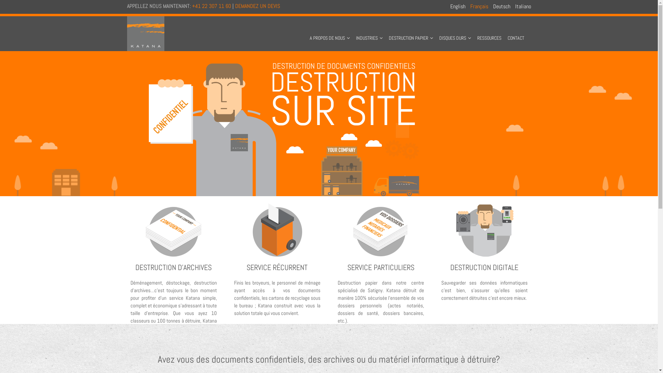 The height and width of the screenshot is (373, 663). I want to click on 'A PROPOS DE NOUS', so click(308, 32).